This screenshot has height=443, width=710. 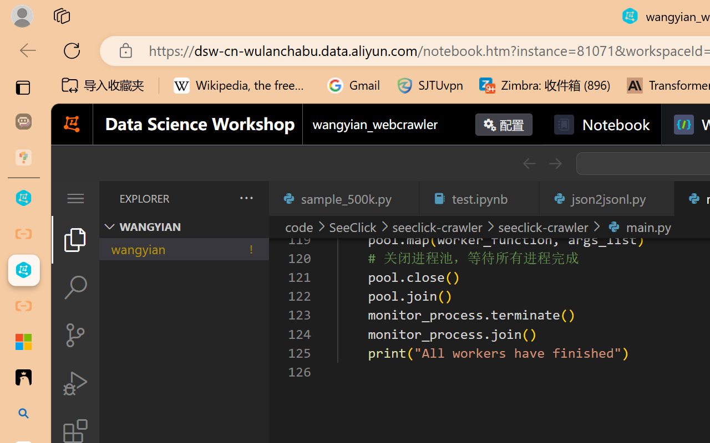 I want to click on 'Wikipedia, the free encyclopedia', so click(x=242, y=85).